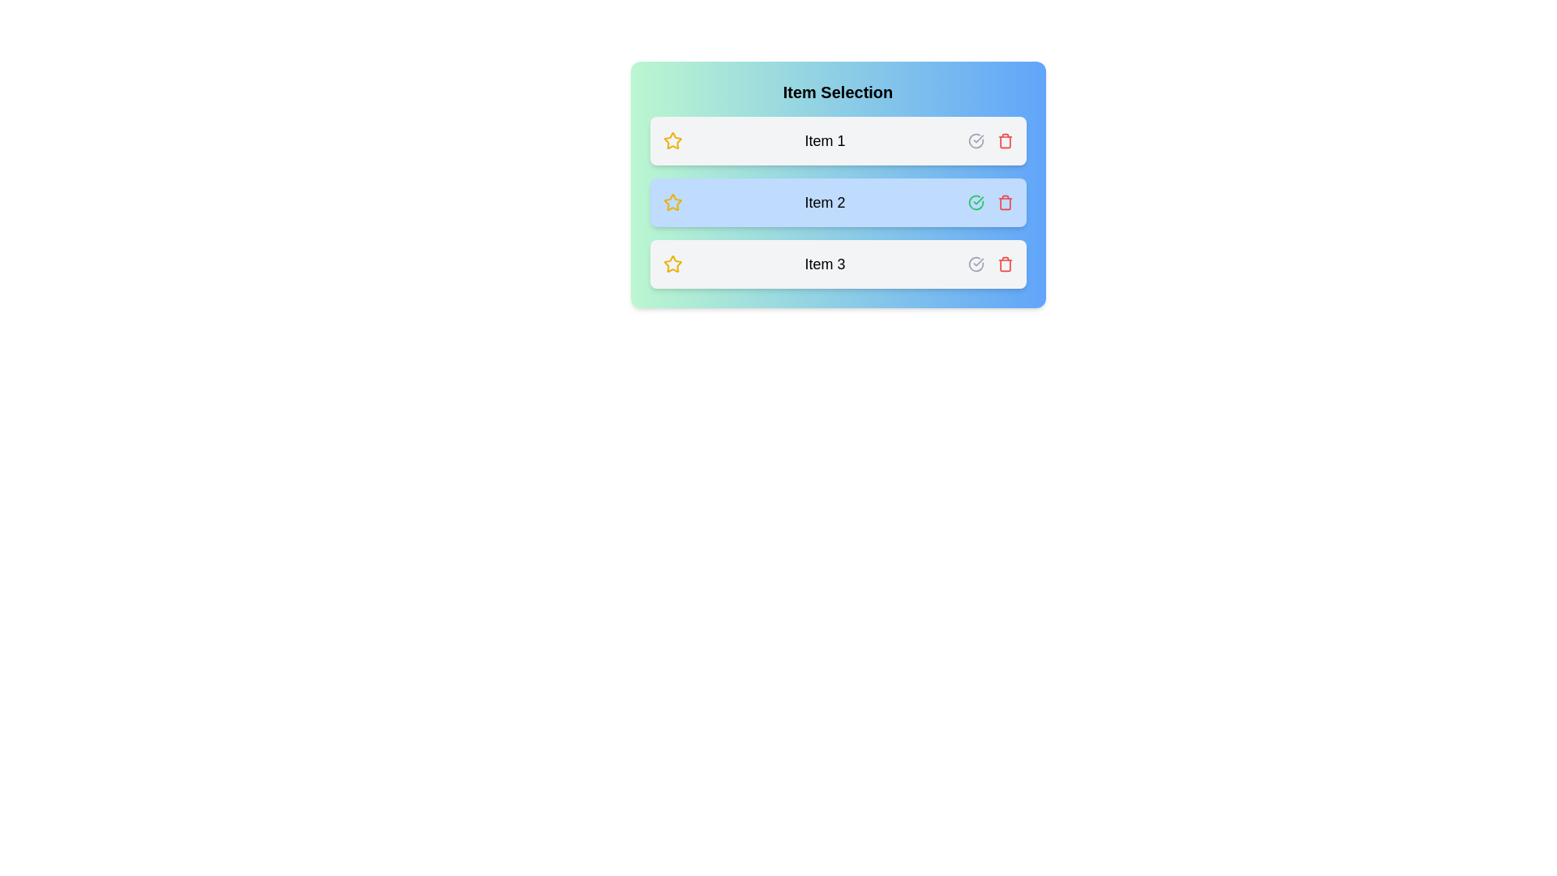  I want to click on the trash icon corresponding to the item Item 1 to remove it from the list, so click(1004, 140).